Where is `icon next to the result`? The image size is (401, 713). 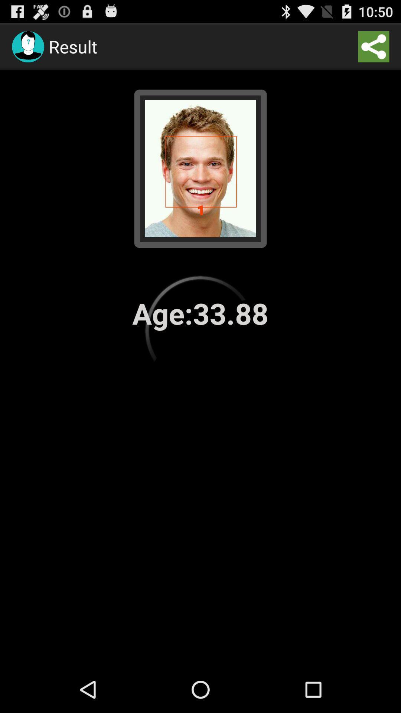 icon next to the result is located at coordinates (374, 46).